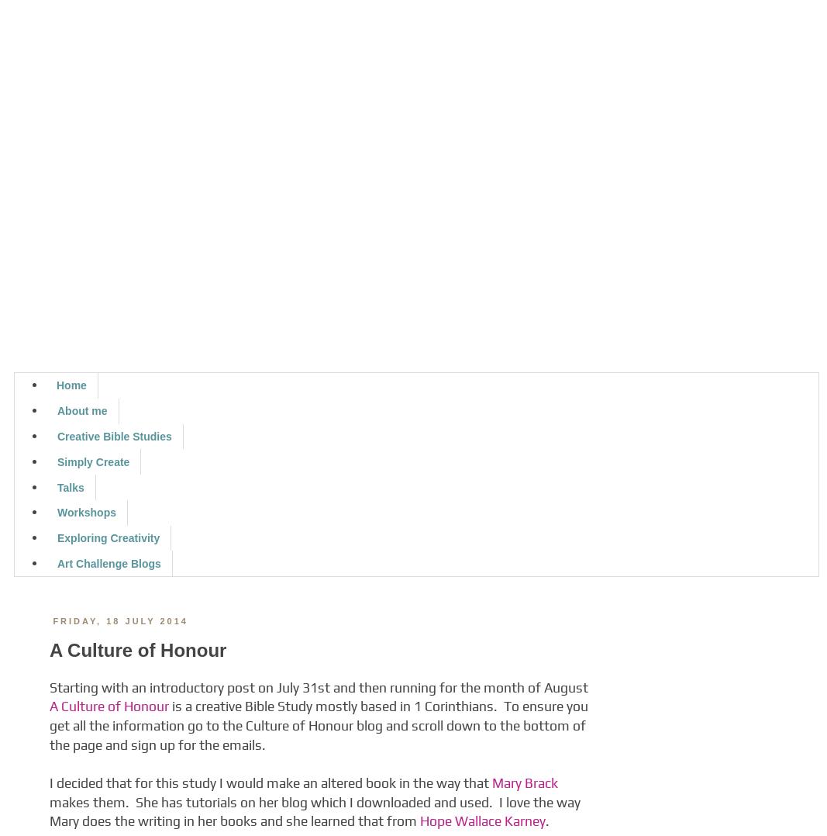 Image resolution: width=827 pixels, height=836 pixels. I want to click on 'Workshops', so click(85, 513).